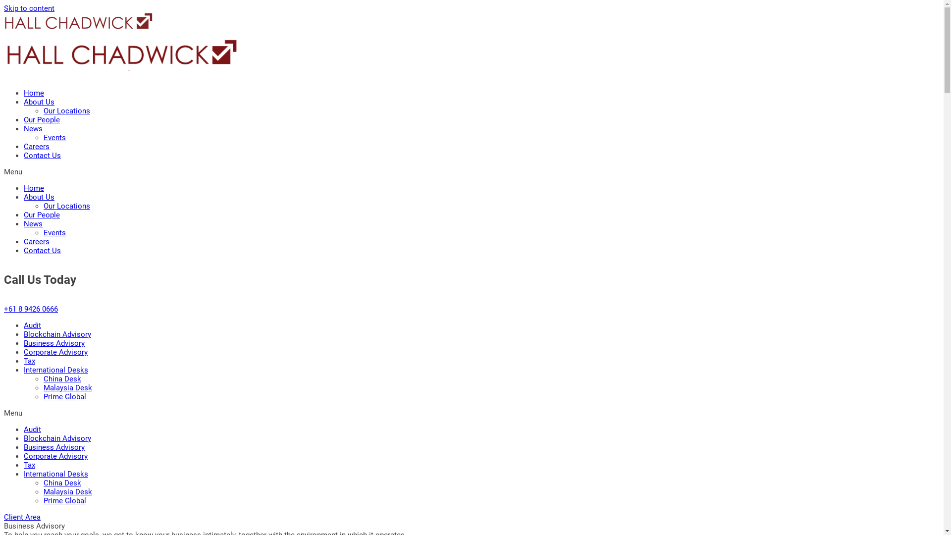  Describe the element at coordinates (29, 8) in the screenshot. I see `'Skip to content'` at that location.